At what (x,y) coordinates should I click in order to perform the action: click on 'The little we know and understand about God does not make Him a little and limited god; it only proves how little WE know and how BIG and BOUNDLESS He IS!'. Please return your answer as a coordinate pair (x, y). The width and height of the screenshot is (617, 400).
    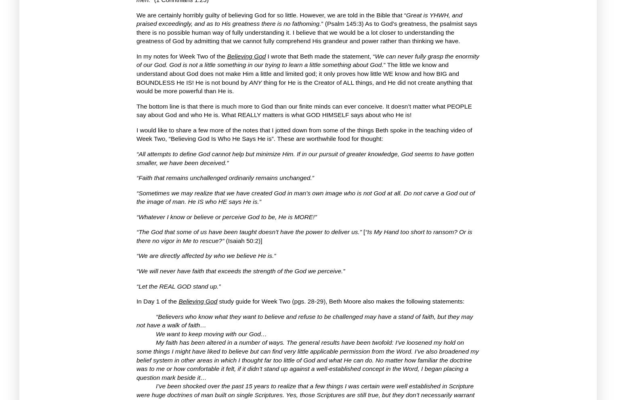
    Looking at the image, I should click on (297, 73).